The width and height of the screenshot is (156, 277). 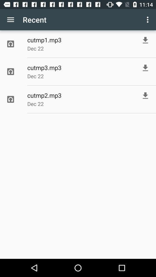 I want to click on the app to the left of recent icon, so click(x=10, y=20).